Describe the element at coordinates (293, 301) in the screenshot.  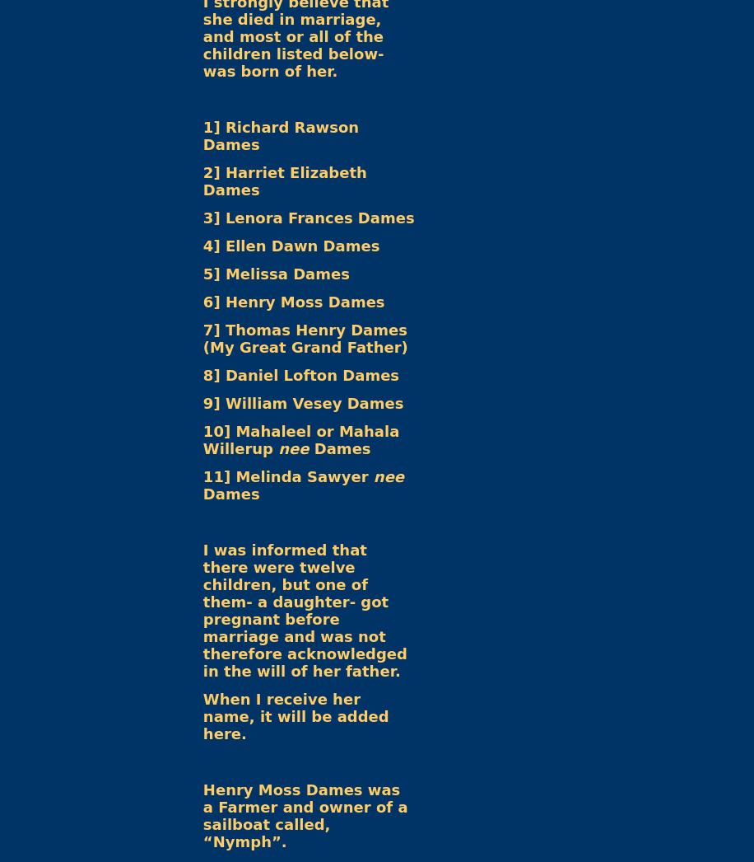
I see `'6] Henry Moss Dames'` at that location.